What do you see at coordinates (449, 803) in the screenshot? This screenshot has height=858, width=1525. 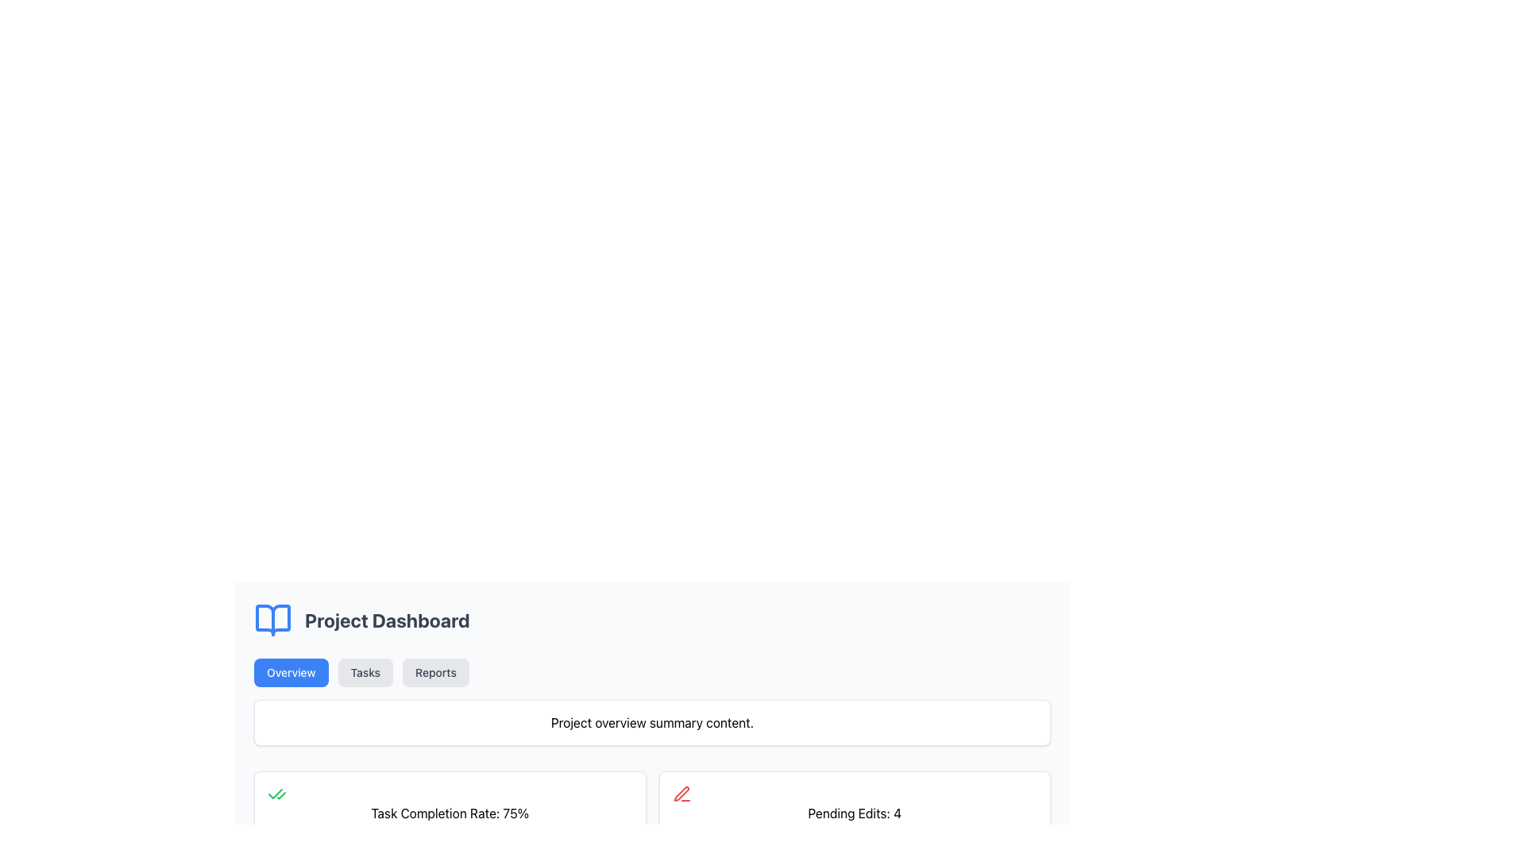 I see `the status card displaying the completion rate of tasks in percentage, located on the upper-left side of the section and aligned horizontally to the left of the 'Pending Edits: 4' box` at bounding box center [449, 803].